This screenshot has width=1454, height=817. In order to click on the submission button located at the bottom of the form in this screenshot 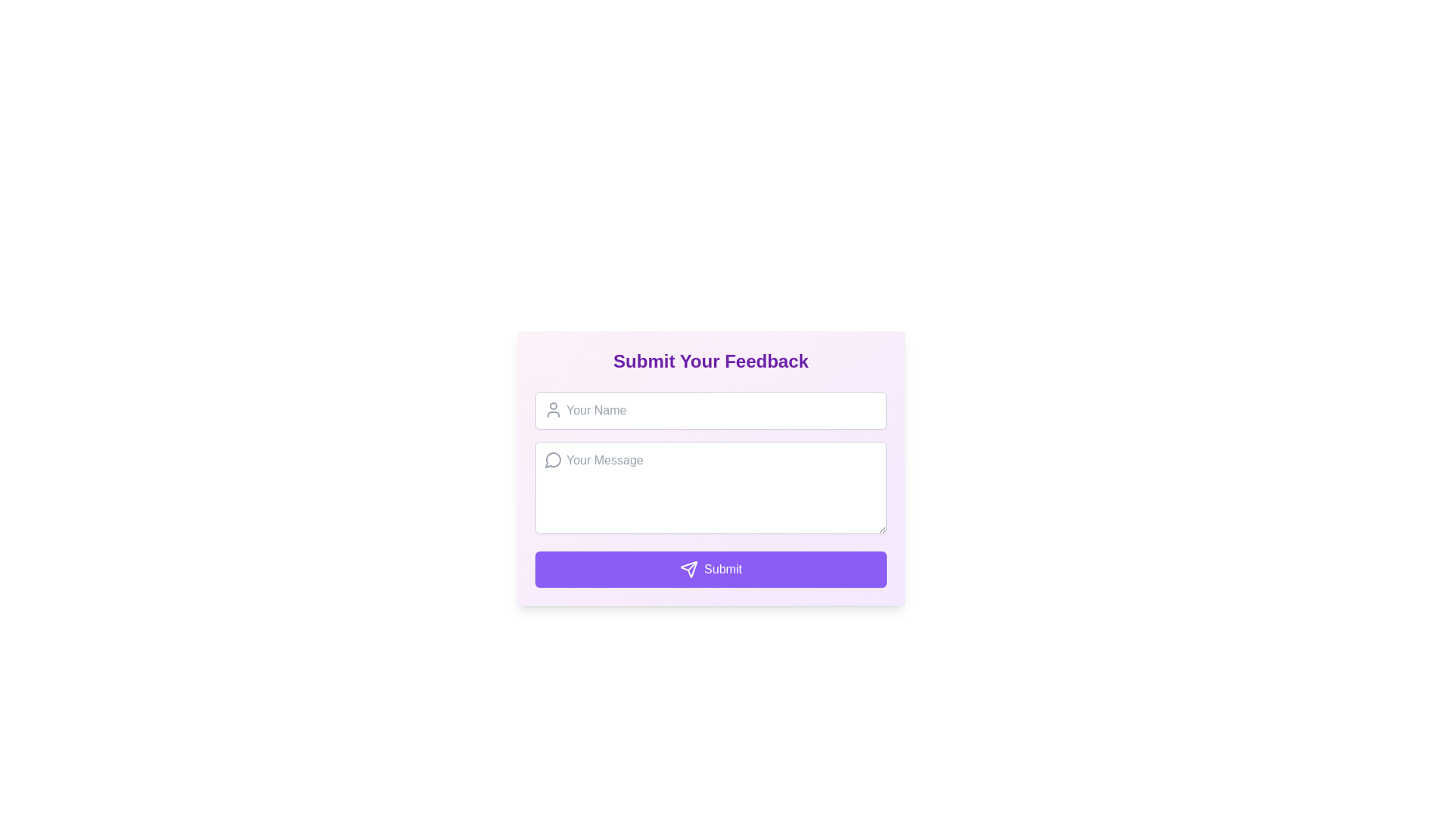, I will do `click(710, 569)`.